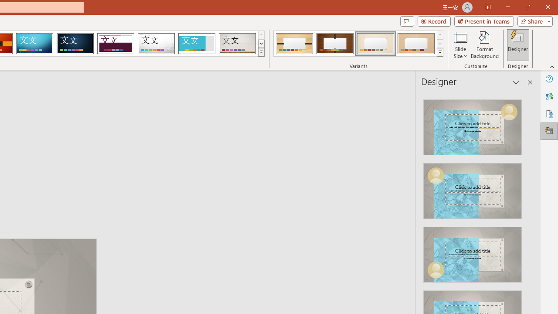  What do you see at coordinates (294, 44) in the screenshot?
I see `'Organic Variant 1'` at bounding box center [294, 44].